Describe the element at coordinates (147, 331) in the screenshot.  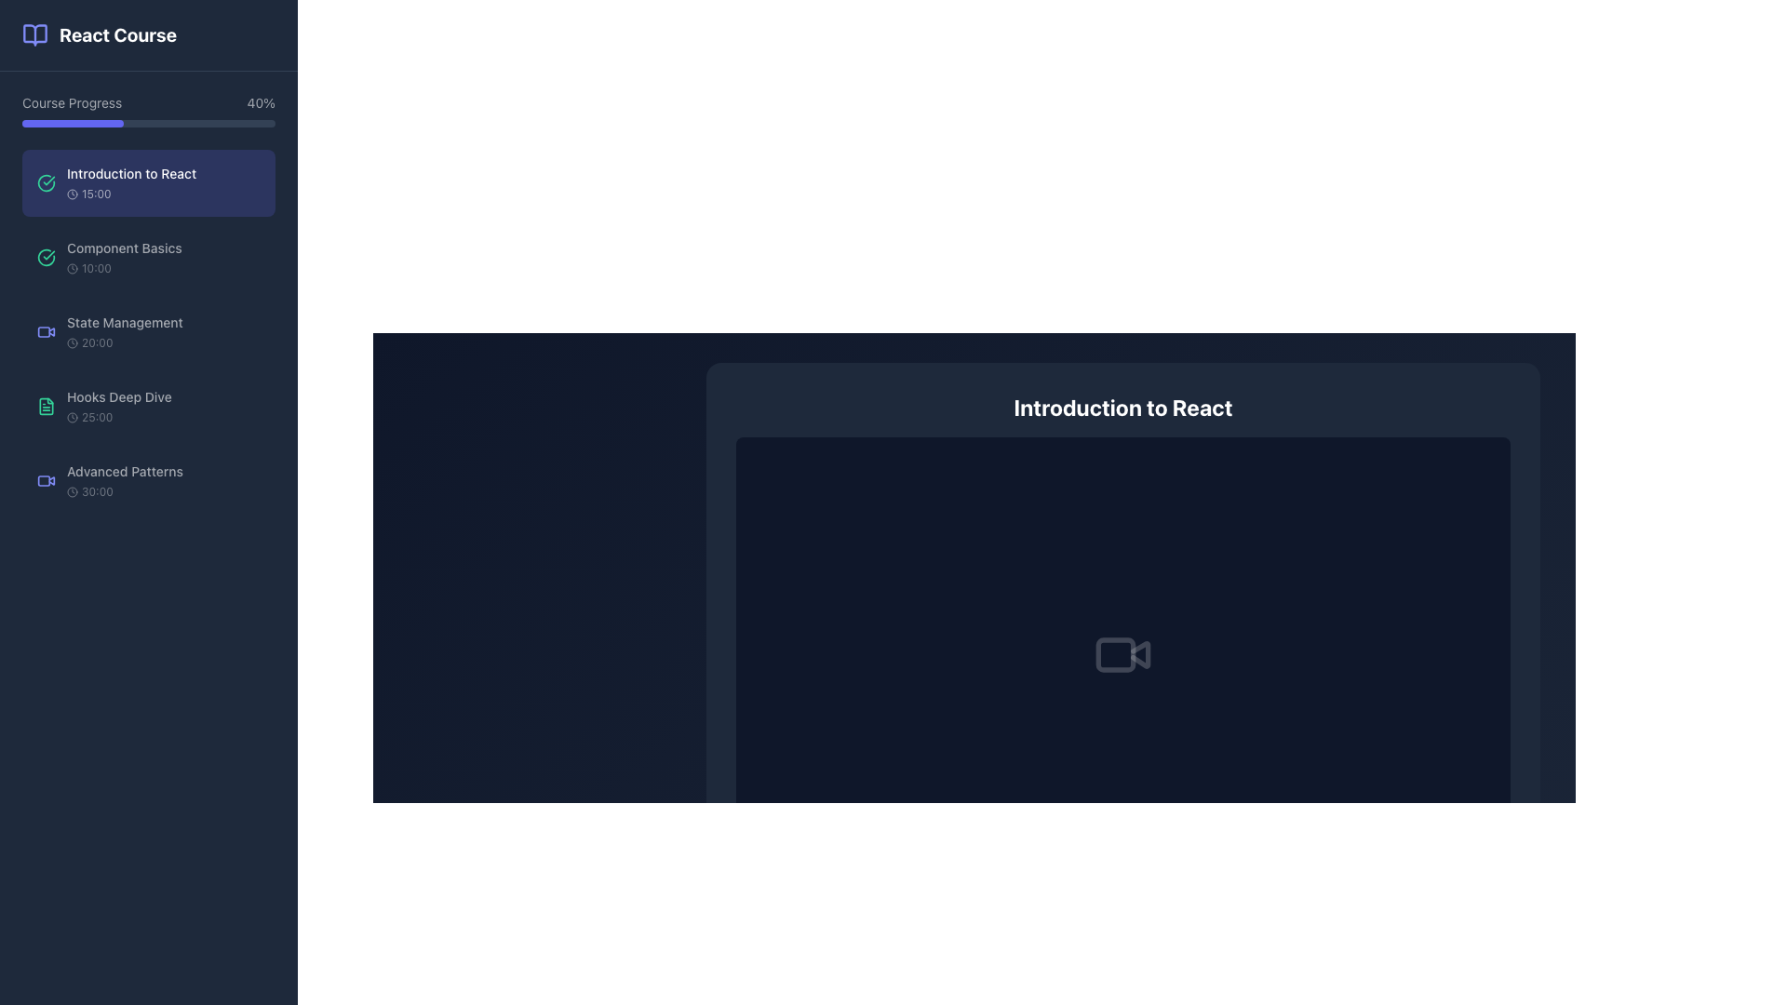
I see `the course list item titled 'State Management' with a duration of '20:00'` at that location.